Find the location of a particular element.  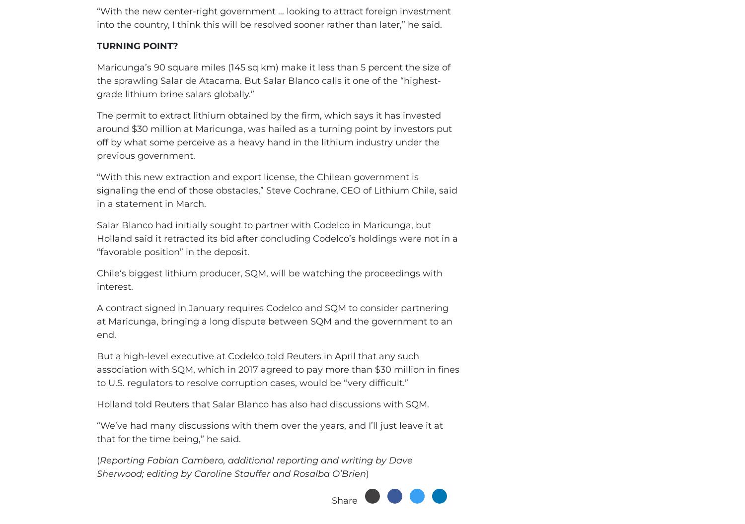

'Holland told Reuters that Salar Blanco has also had discussions with SQM.' is located at coordinates (263, 404).